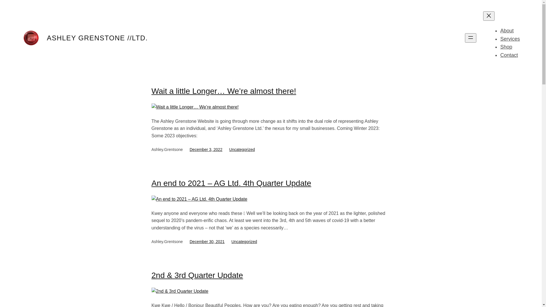 The image size is (546, 307). I want to click on 'Uncategorized', so click(244, 241).